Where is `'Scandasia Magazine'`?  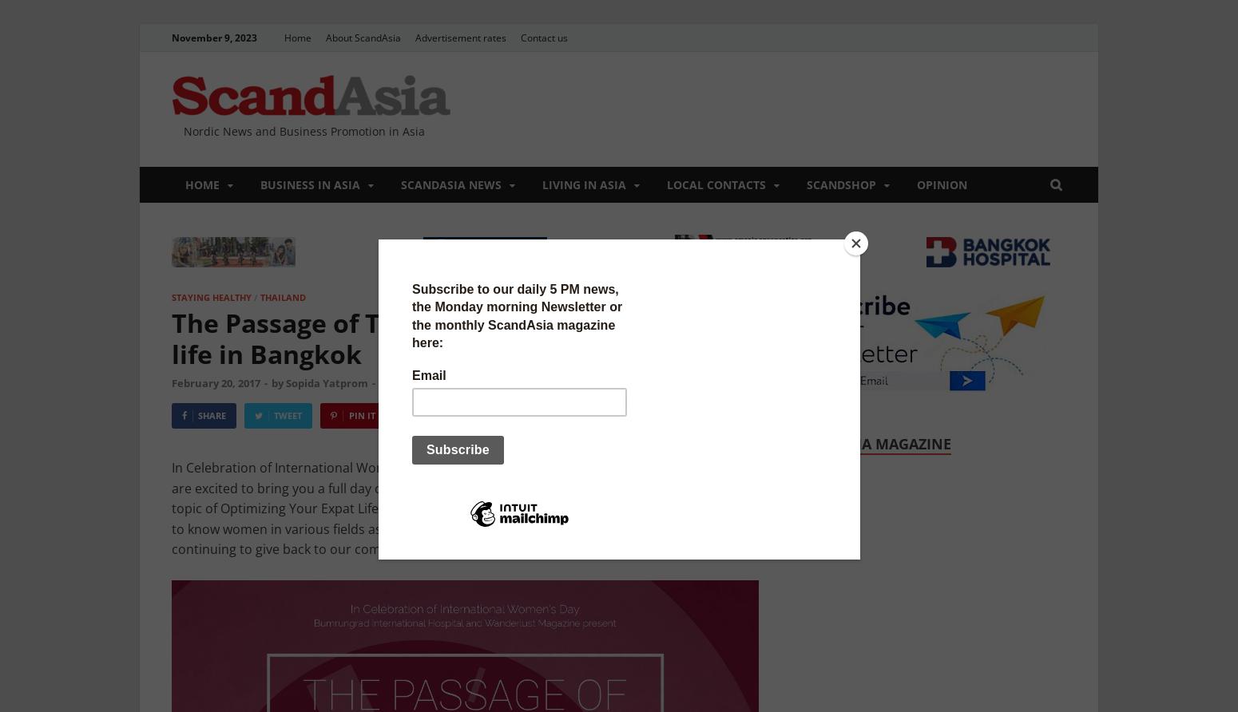 'Scandasia Magazine' is located at coordinates (870, 443).